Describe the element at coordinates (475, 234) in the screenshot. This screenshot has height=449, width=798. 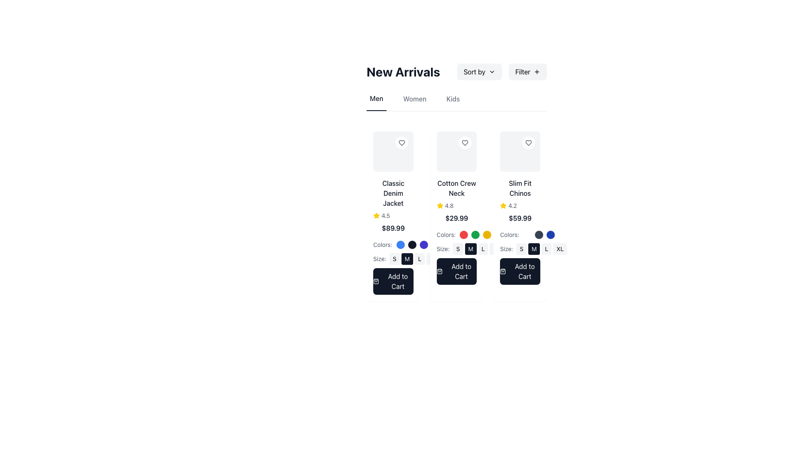
I see `the green circular button with a white border, which is the second button in the group of three color selection buttons located below the 'Cotton Crew Neck' item details in the 'New Arrivals' section` at that location.